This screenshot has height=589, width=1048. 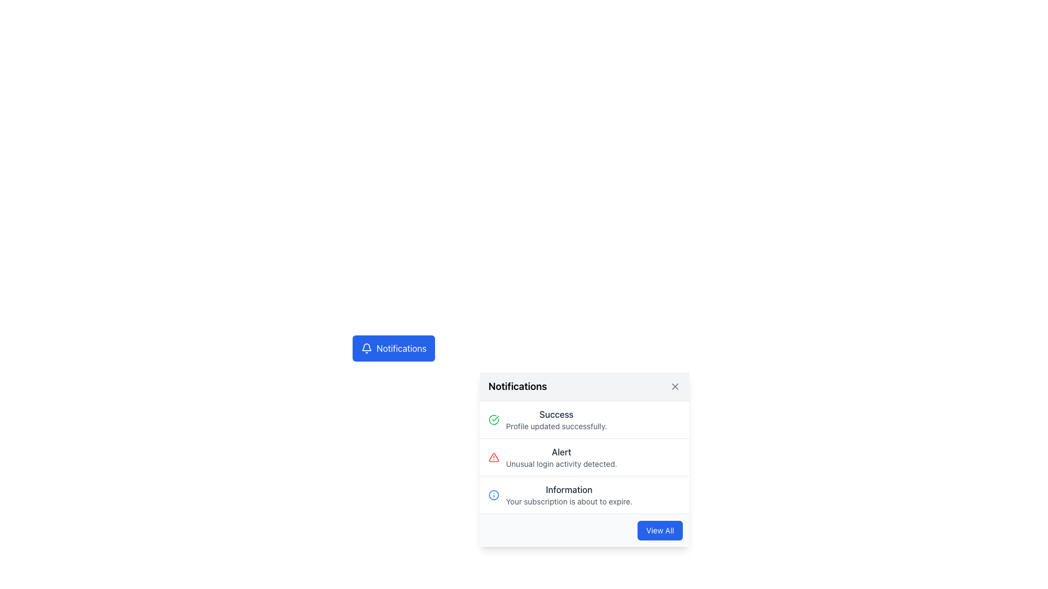 What do you see at coordinates (561, 464) in the screenshot?
I see `text of the alert notification located below the bold-text heading 'Alert' in the notification panel` at bounding box center [561, 464].